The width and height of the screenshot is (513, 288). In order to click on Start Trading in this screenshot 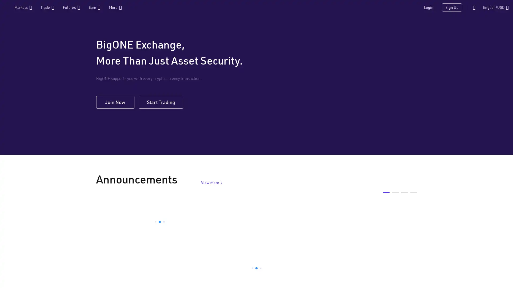, I will do `click(161, 102)`.